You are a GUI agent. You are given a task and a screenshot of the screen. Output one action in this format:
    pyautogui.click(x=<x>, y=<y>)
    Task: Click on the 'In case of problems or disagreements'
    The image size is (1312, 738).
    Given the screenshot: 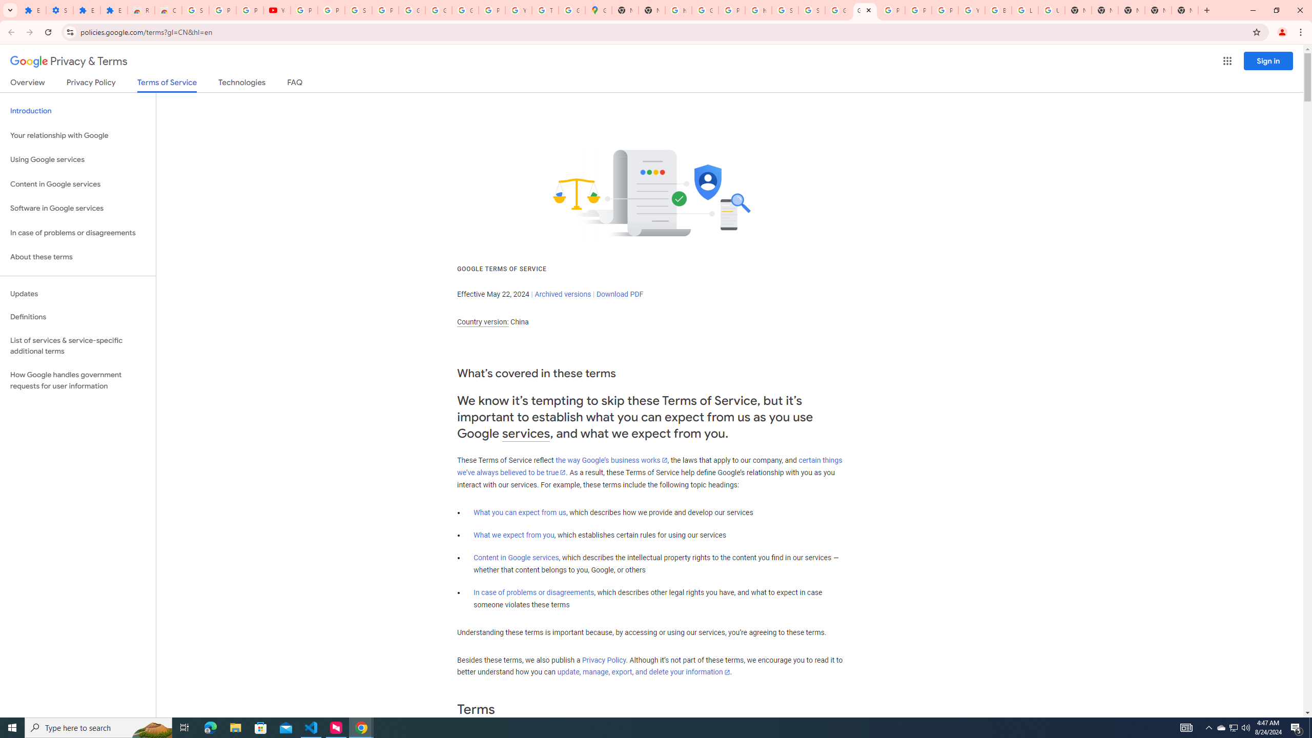 What is the action you would take?
    pyautogui.click(x=533, y=592)
    